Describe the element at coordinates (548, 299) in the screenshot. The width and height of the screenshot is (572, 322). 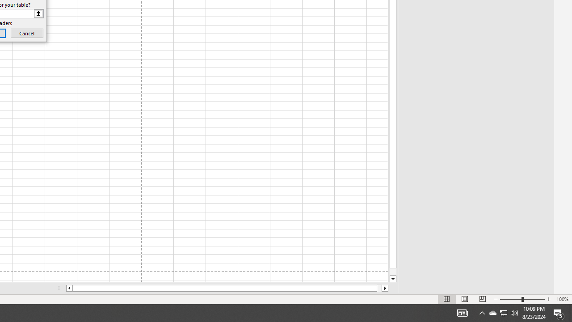
I see `'Zoom In'` at that location.